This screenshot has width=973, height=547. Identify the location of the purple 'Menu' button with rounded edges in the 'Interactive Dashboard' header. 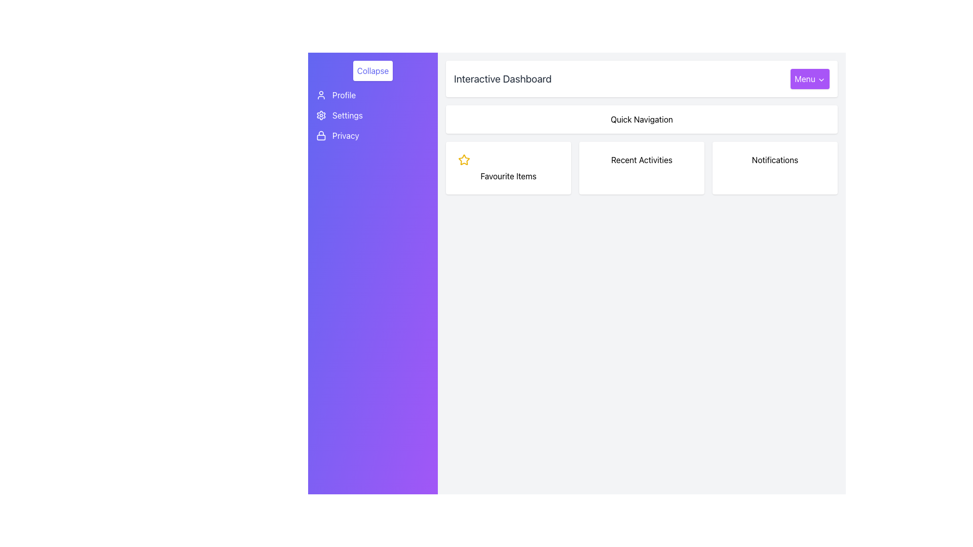
(809, 78).